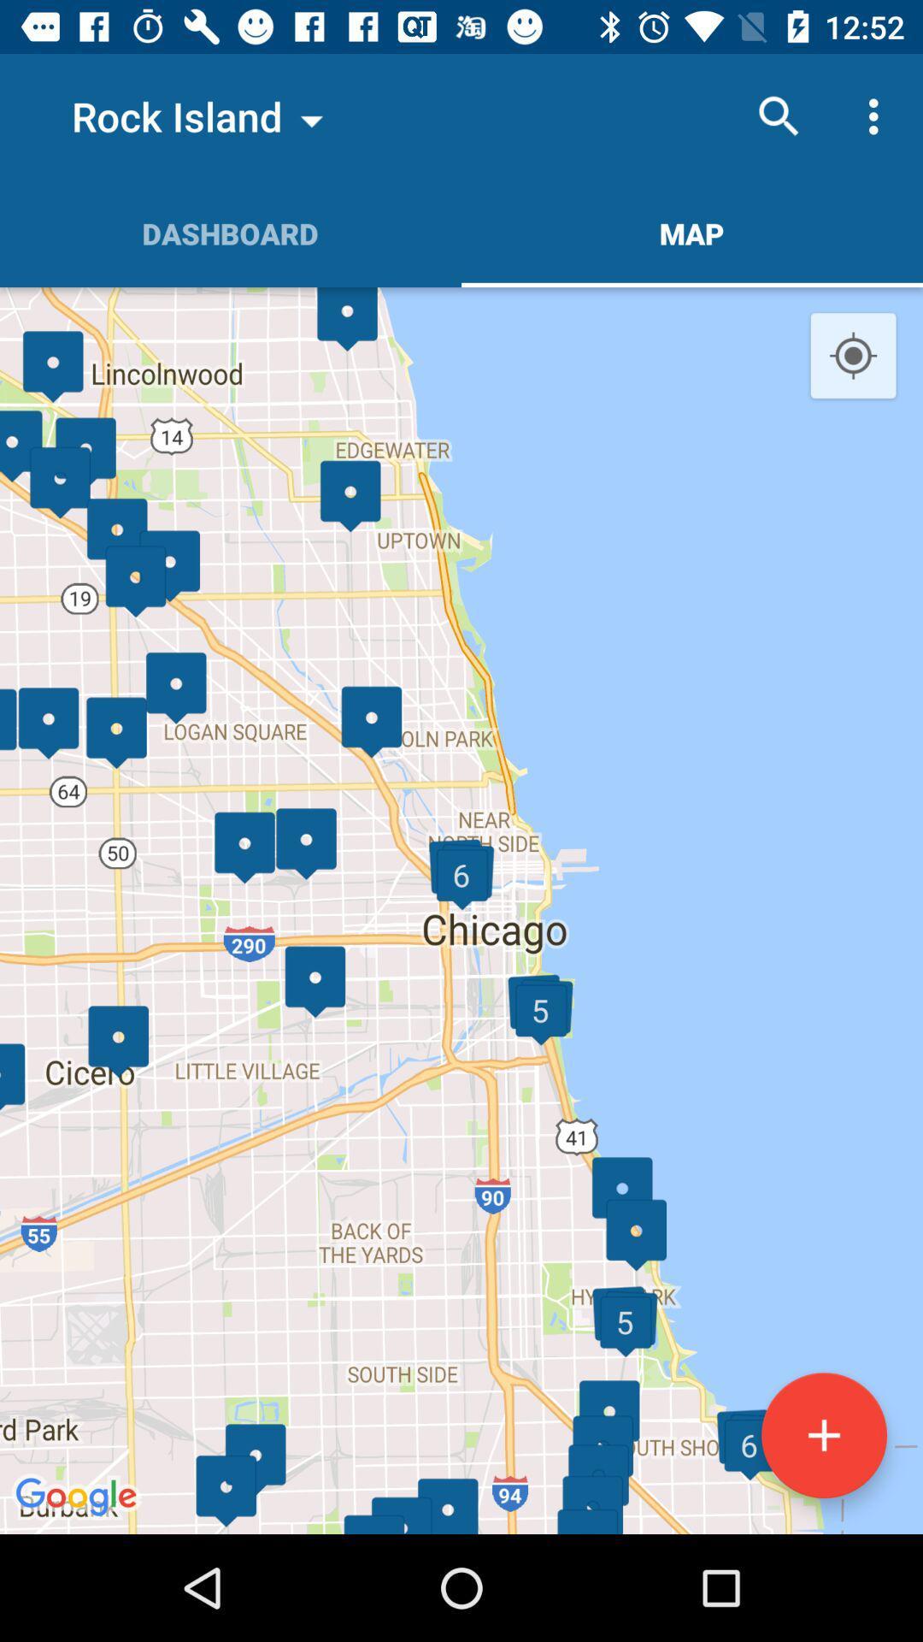  What do you see at coordinates (823, 1435) in the screenshot?
I see `the icon at the bottom right corner` at bounding box center [823, 1435].